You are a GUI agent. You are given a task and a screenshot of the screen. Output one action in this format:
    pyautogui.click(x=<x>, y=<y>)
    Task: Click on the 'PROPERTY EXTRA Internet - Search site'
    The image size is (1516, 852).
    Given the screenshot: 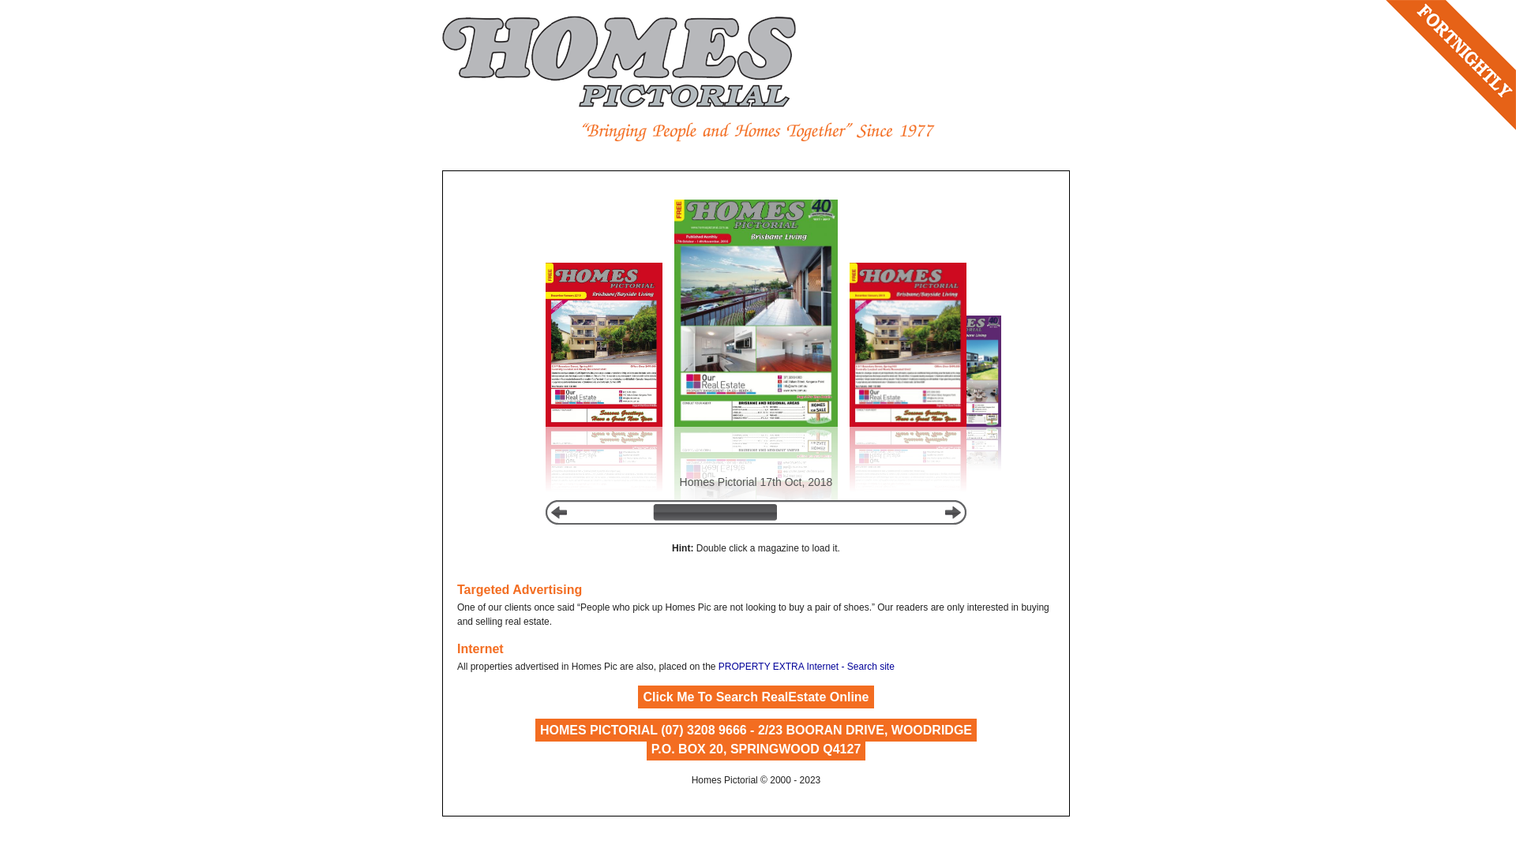 What is the action you would take?
    pyautogui.click(x=806, y=666)
    